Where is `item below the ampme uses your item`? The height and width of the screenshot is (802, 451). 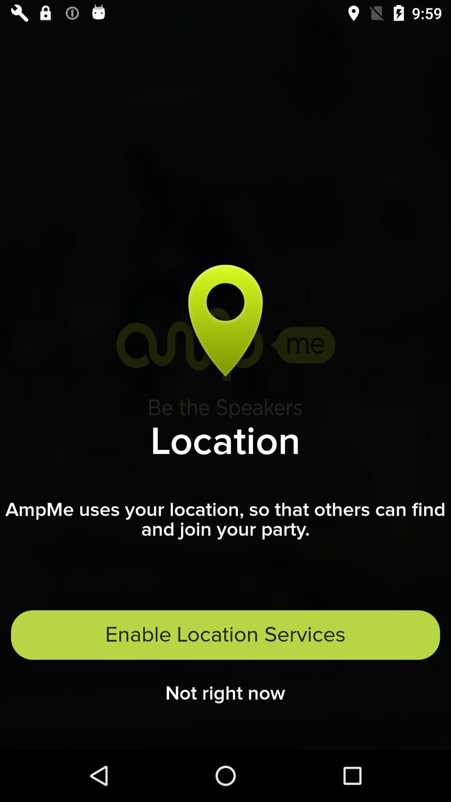
item below the ampme uses your item is located at coordinates (225, 635).